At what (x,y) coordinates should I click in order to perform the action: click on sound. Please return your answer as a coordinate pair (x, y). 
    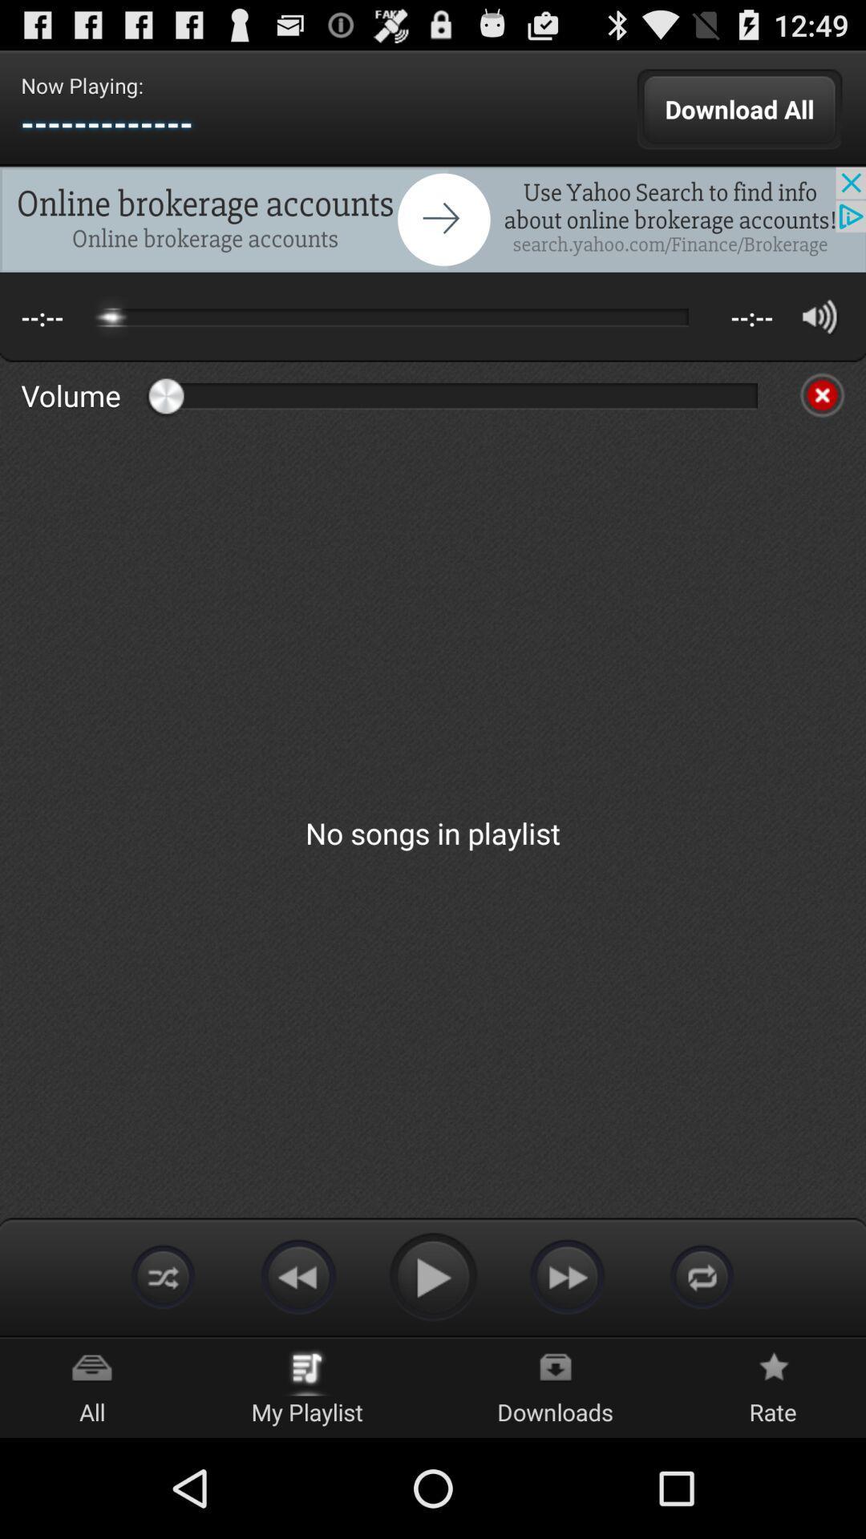
    Looking at the image, I should click on (819, 317).